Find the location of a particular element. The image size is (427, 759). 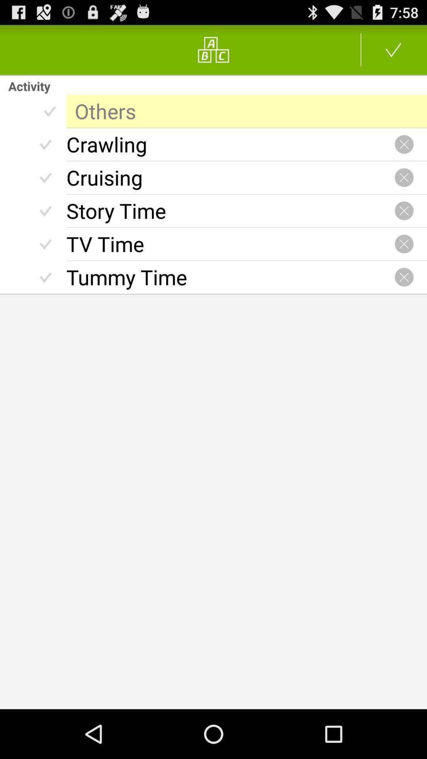

others is located at coordinates (246, 111).